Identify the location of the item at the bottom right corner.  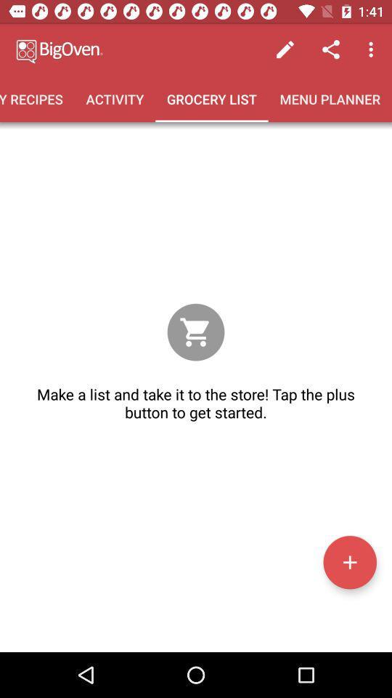
(349, 561).